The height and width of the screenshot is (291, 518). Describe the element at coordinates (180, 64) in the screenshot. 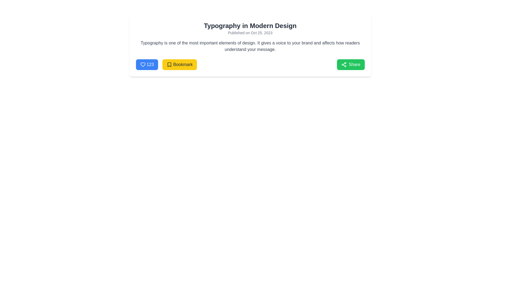

I see `the second interactive button to bookmark the content associated with the article titled 'Typography in Modern Design'` at that location.